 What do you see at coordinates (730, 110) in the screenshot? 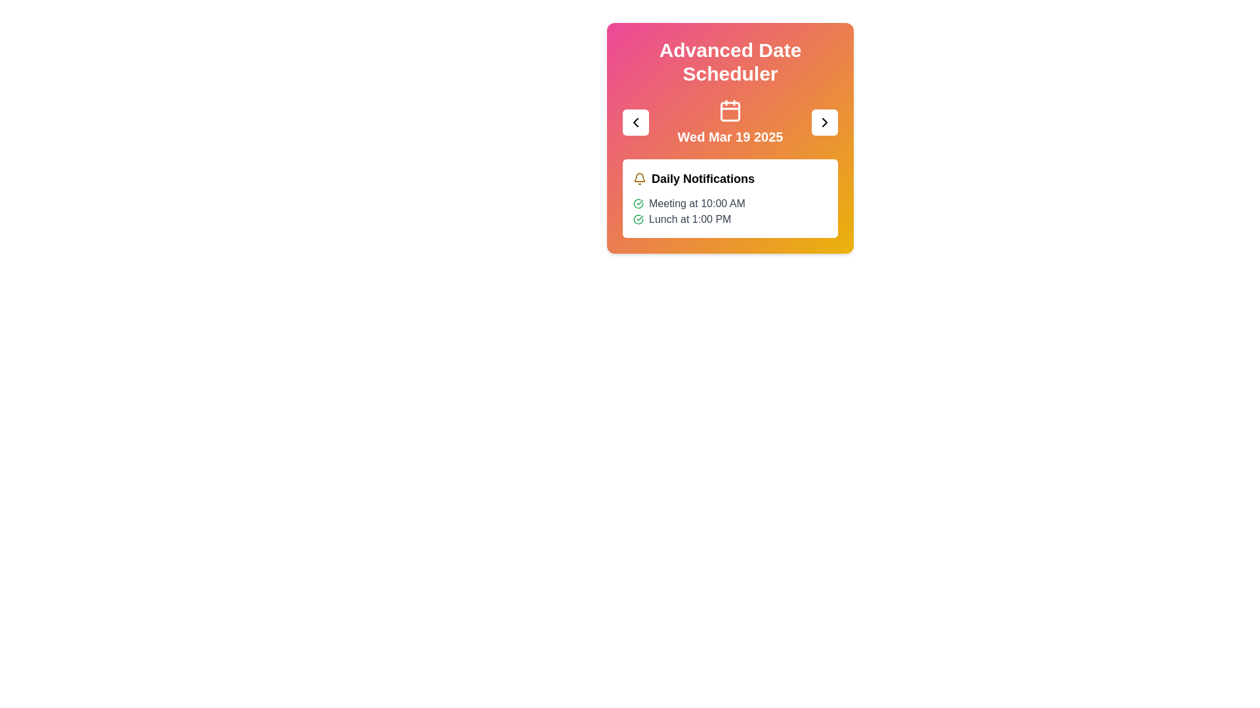
I see `the calendar icon, which is a box outlined icon with inner details, located above the date text` at bounding box center [730, 110].